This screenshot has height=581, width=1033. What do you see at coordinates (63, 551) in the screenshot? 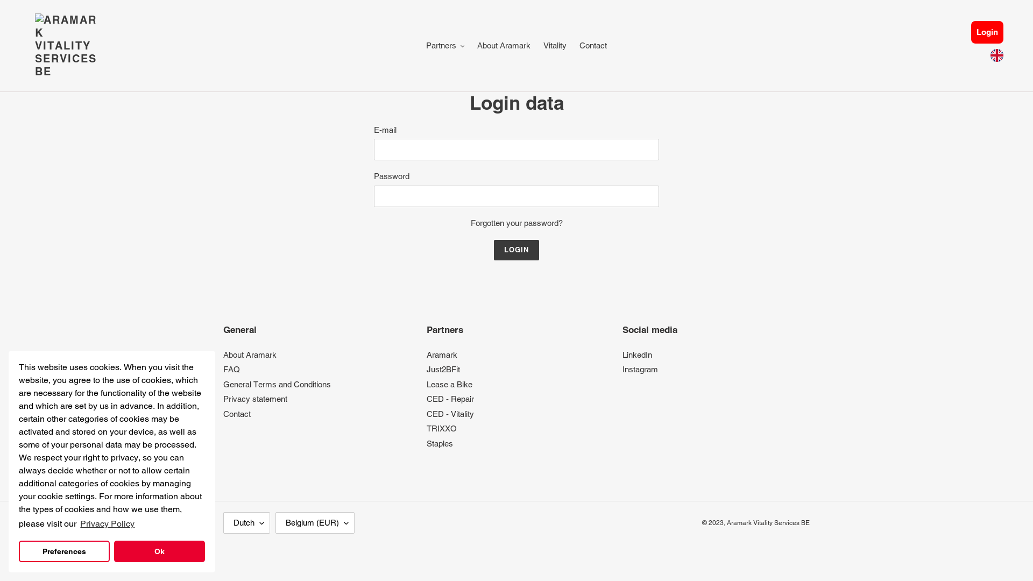
I see `'Preferences'` at bounding box center [63, 551].